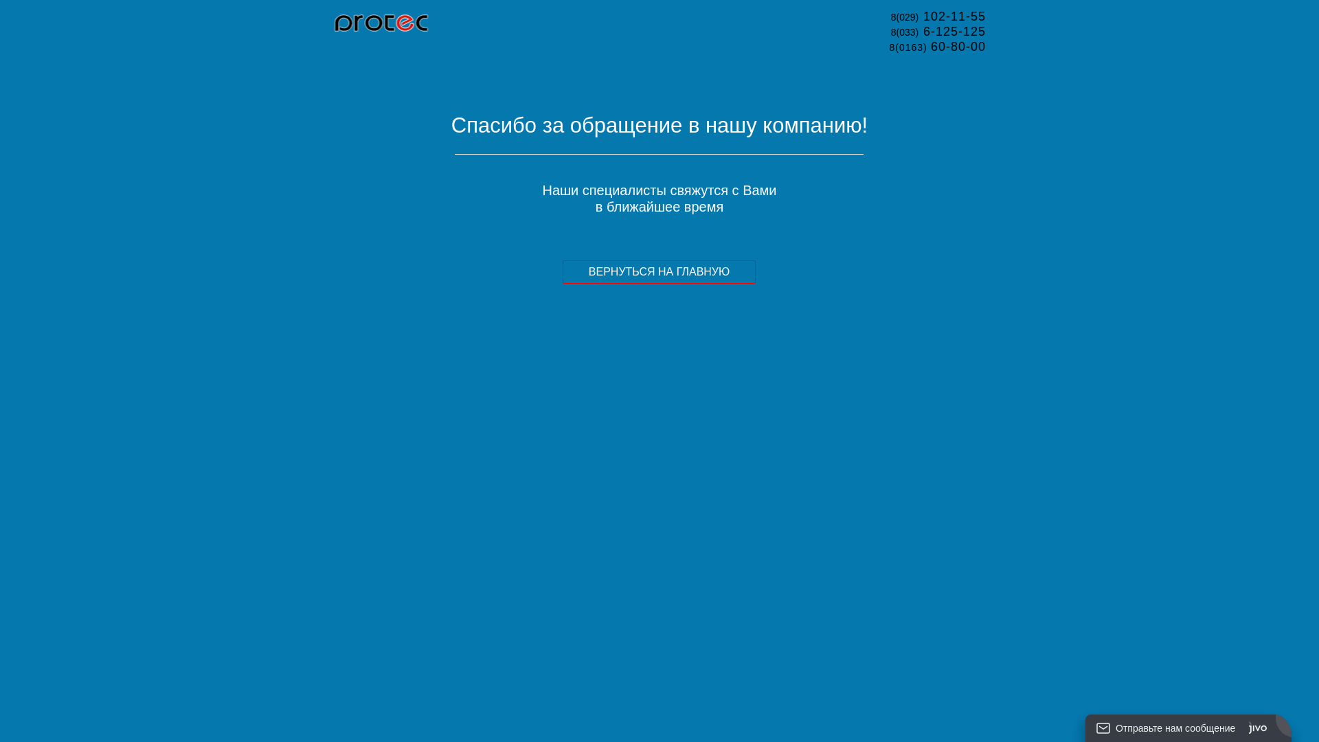 The width and height of the screenshot is (1319, 742). I want to click on '8(033)  6-125-125', so click(938, 31).